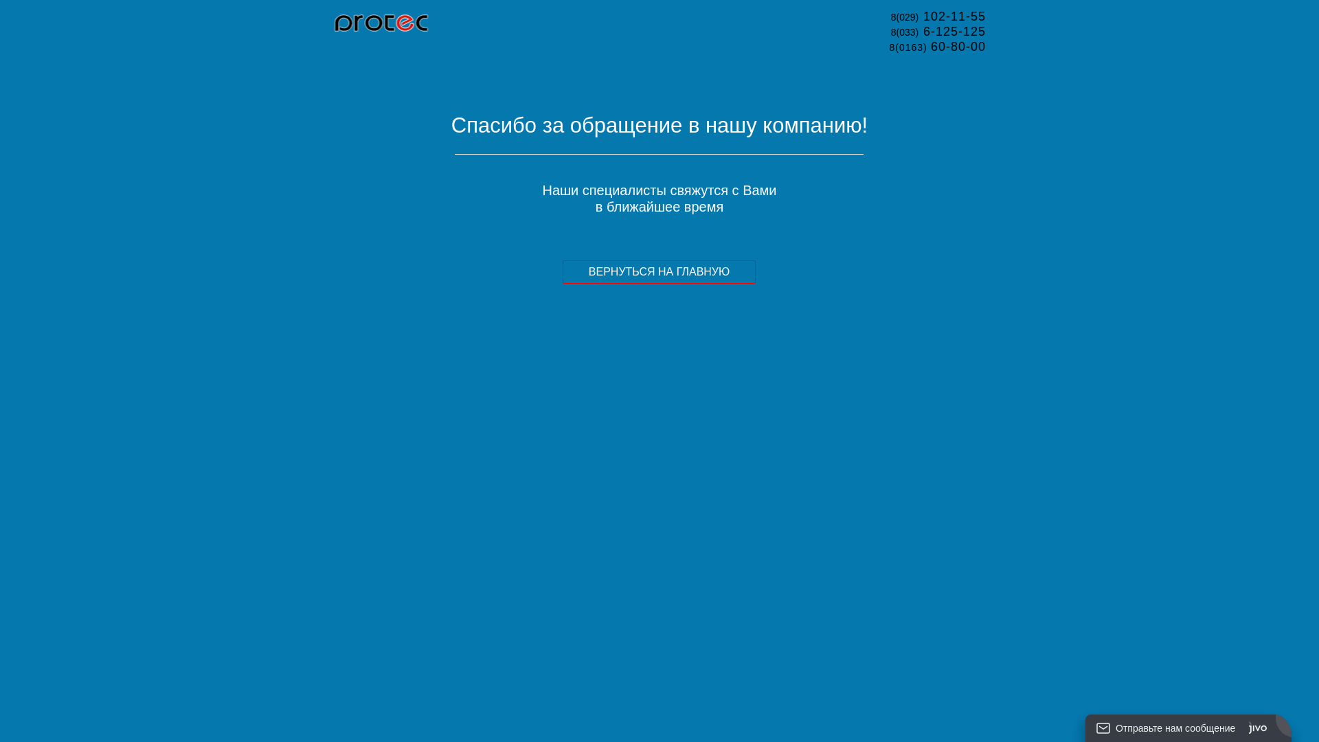 The width and height of the screenshot is (1319, 742). I want to click on '8(033)  6-125-125', so click(938, 31).